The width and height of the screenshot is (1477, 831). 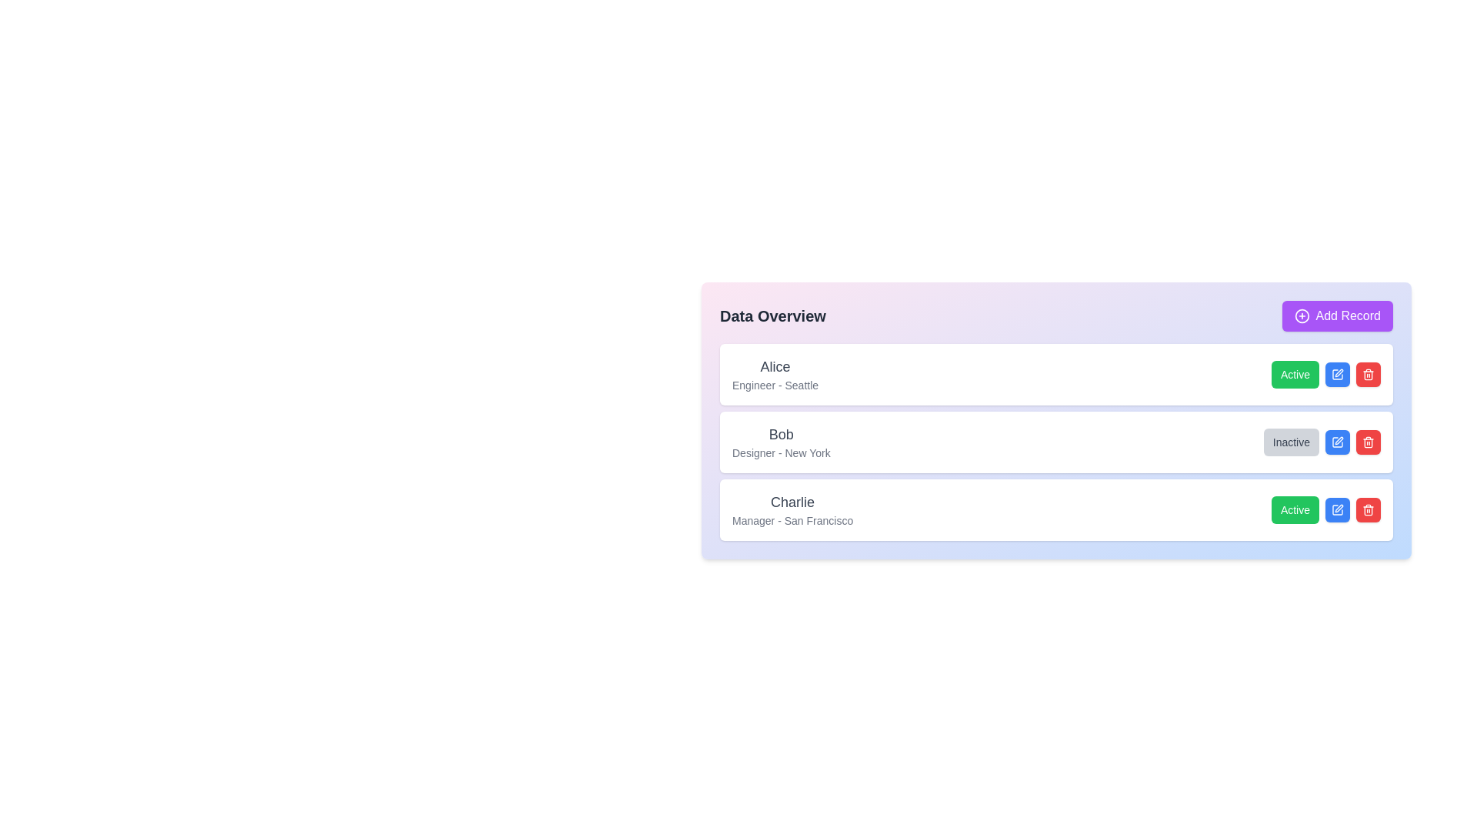 I want to click on the small light gray text label reading 'Designer - New York', which is positioned directly below the larger text 'Bob' in the second row of the 'Data Overview' section, so click(x=781, y=452).